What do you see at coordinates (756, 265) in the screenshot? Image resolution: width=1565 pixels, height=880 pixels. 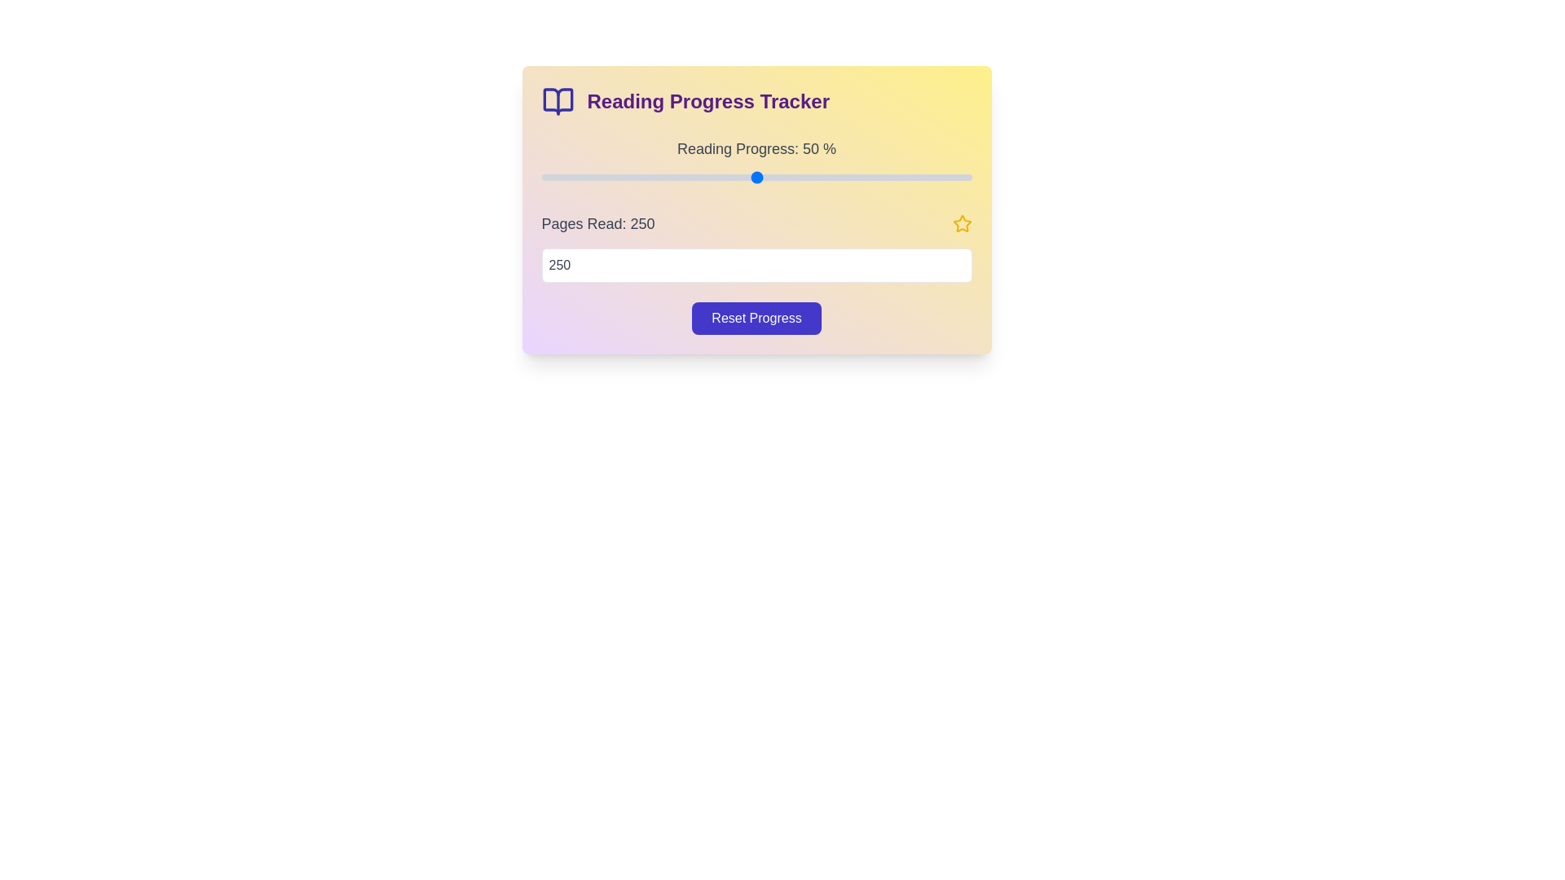 I see `the number of pages read to 437 using the input field` at bounding box center [756, 265].